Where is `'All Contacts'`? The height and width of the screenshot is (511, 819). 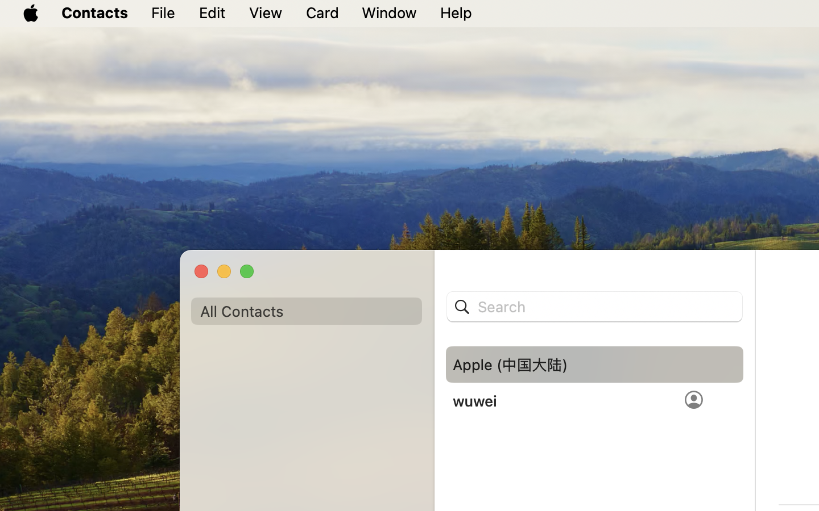 'All Contacts' is located at coordinates (305, 311).